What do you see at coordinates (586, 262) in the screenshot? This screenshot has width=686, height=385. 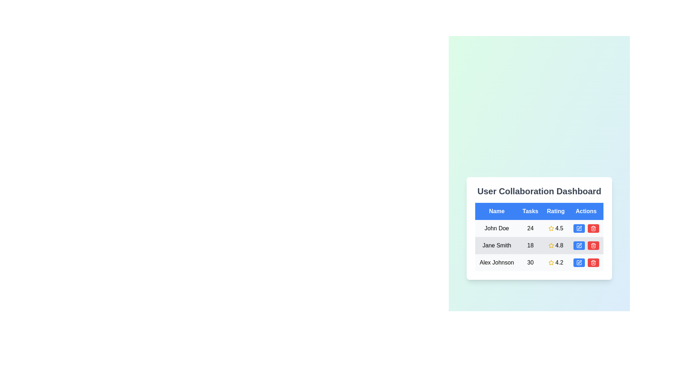 I see `the action buttons group positioned in the rightmost column of the row labeled 'Alex Johnson'` at bounding box center [586, 262].